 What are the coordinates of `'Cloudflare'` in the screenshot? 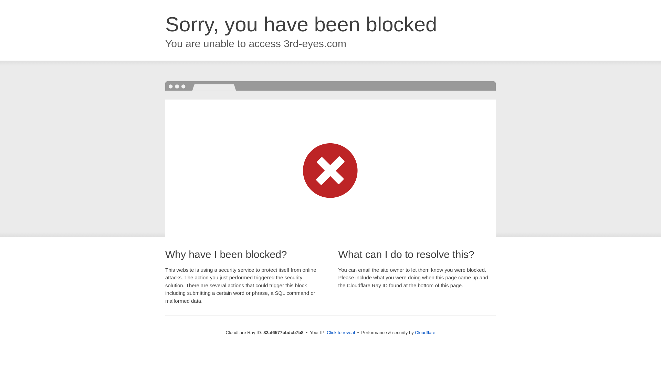 It's located at (424, 332).